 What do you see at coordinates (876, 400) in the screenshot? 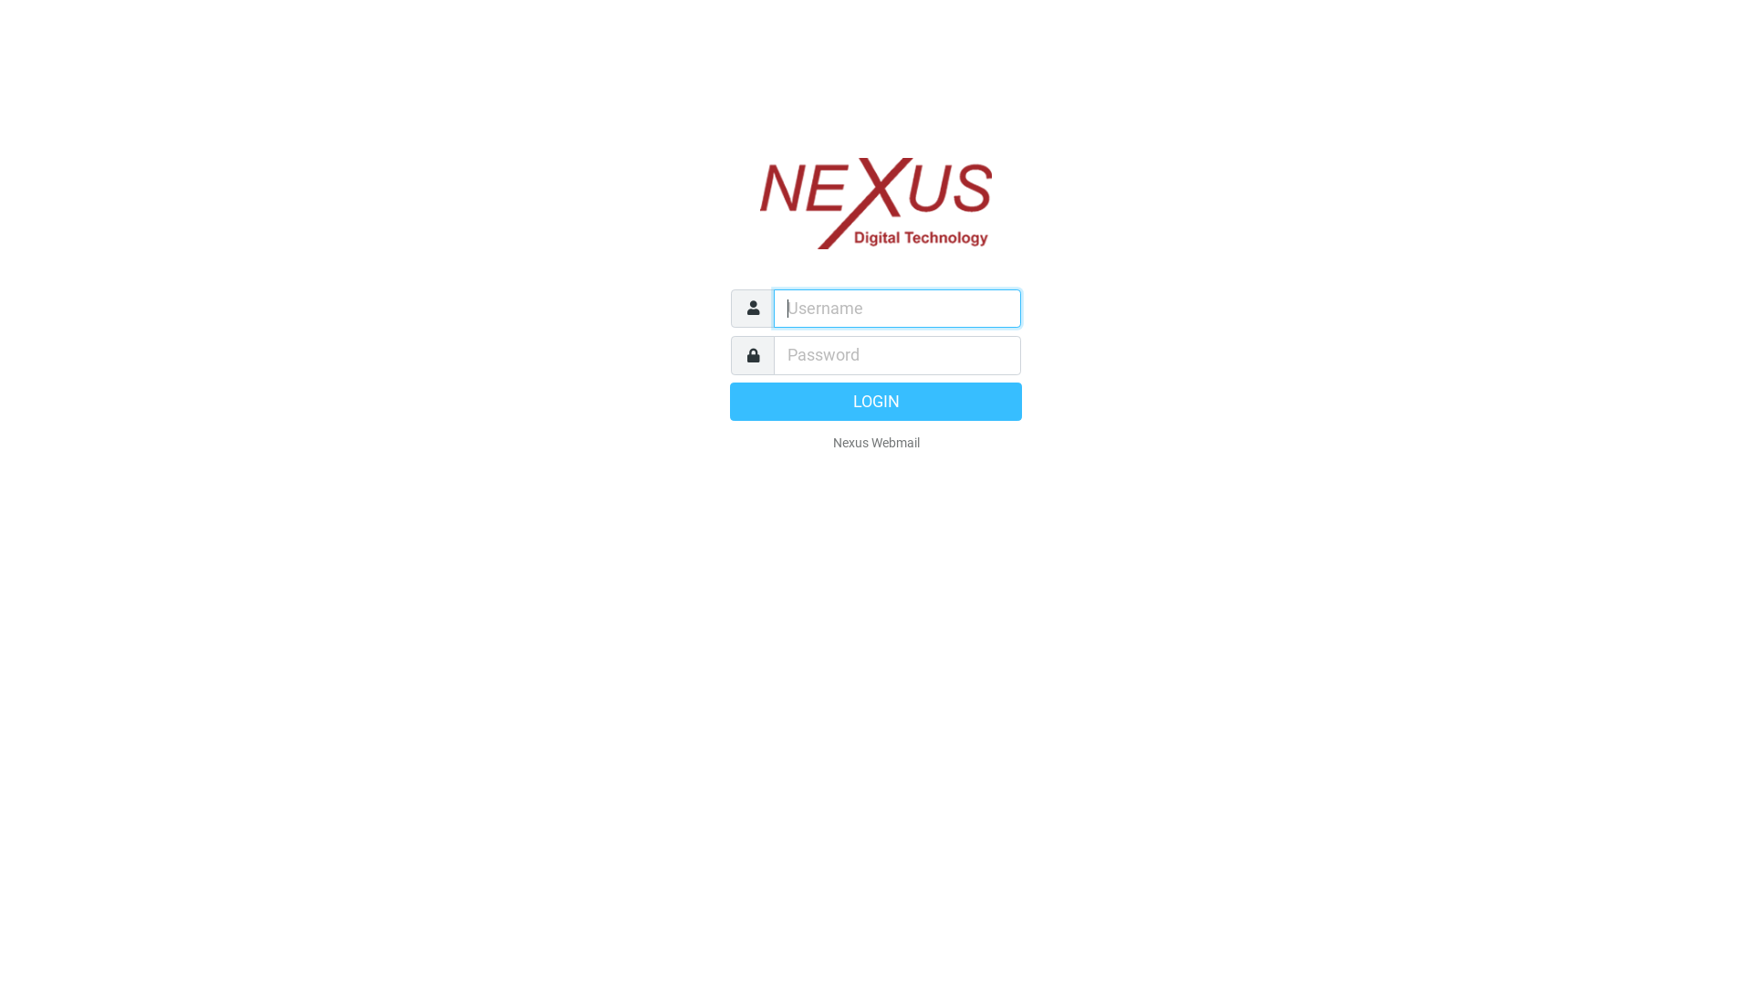
I see `'LOGIN'` at bounding box center [876, 400].